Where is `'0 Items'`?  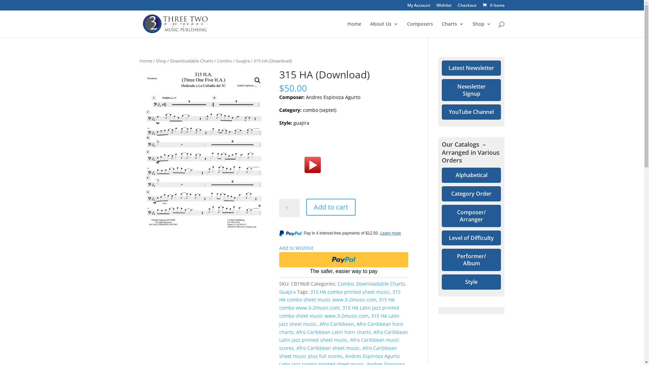 '0 Items' is located at coordinates (481, 5).